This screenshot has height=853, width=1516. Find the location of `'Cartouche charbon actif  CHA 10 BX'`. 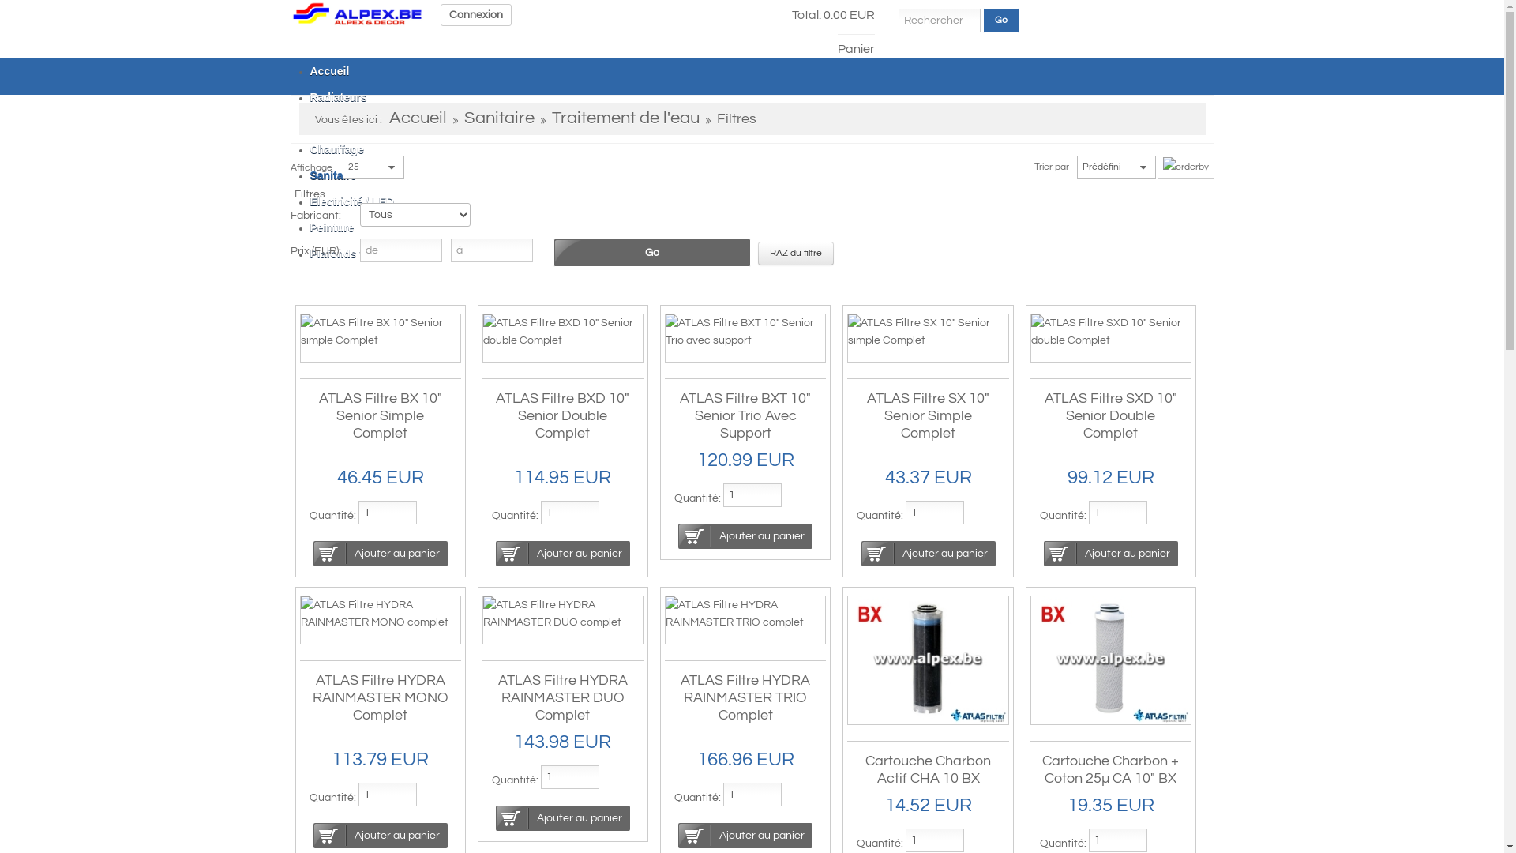

'Cartouche charbon actif  CHA 10 BX' is located at coordinates (928, 660).